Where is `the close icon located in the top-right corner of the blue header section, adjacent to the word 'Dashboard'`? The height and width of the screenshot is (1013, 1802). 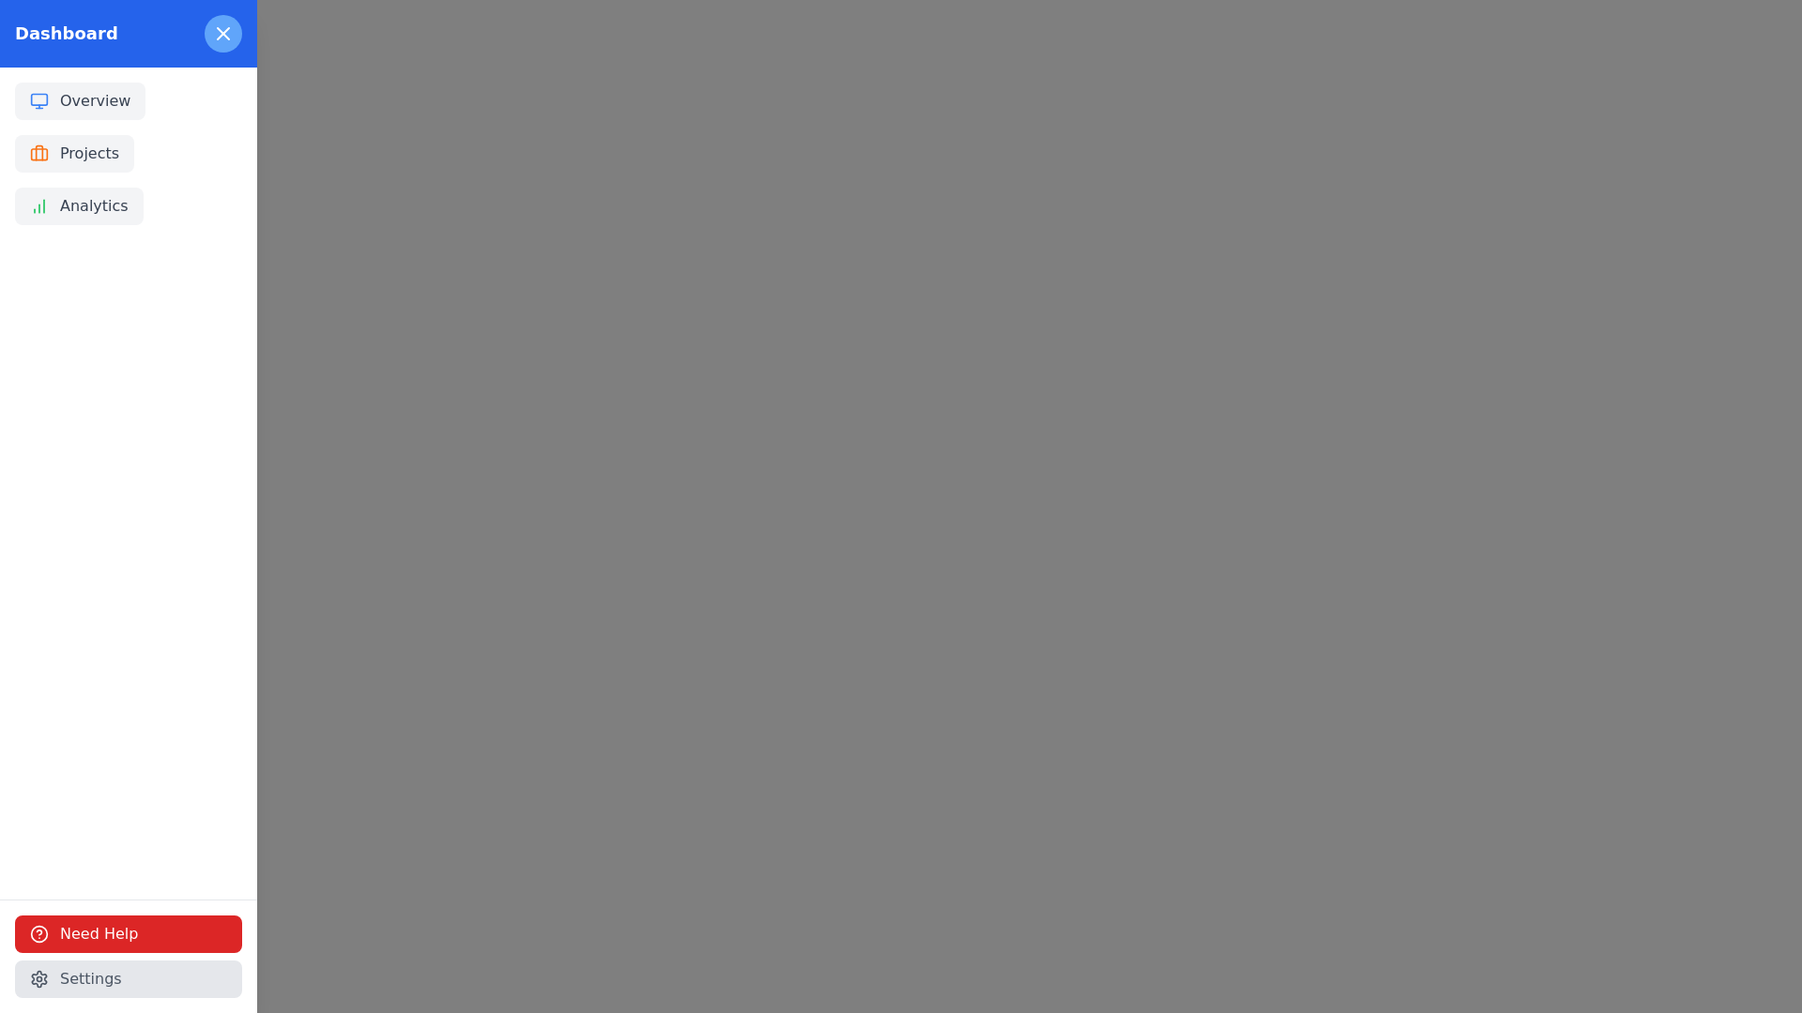 the close icon located in the top-right corner of the blue header section, adjacent to the word 'Dashboard' is located at coordinates (223, 33).